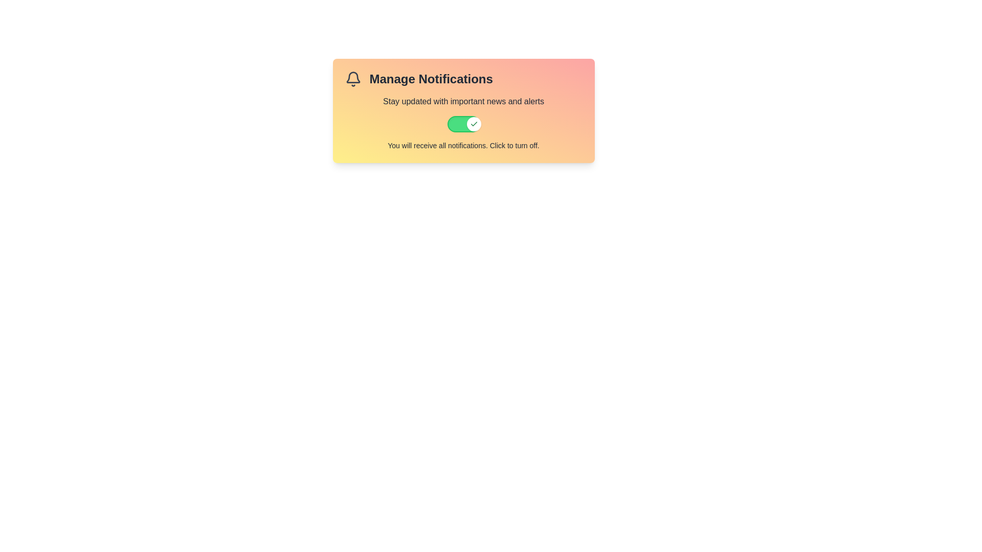 The image size is (982, 552). Describe the element at coordinates (463, 122) in the screenshot. I see `description text of the Interactive toggle control stating 'You will receive all notifications. Click to turn off.' which is located below the title 'Stay updated with important news and alerts' and above the green toggle switch` at that location.